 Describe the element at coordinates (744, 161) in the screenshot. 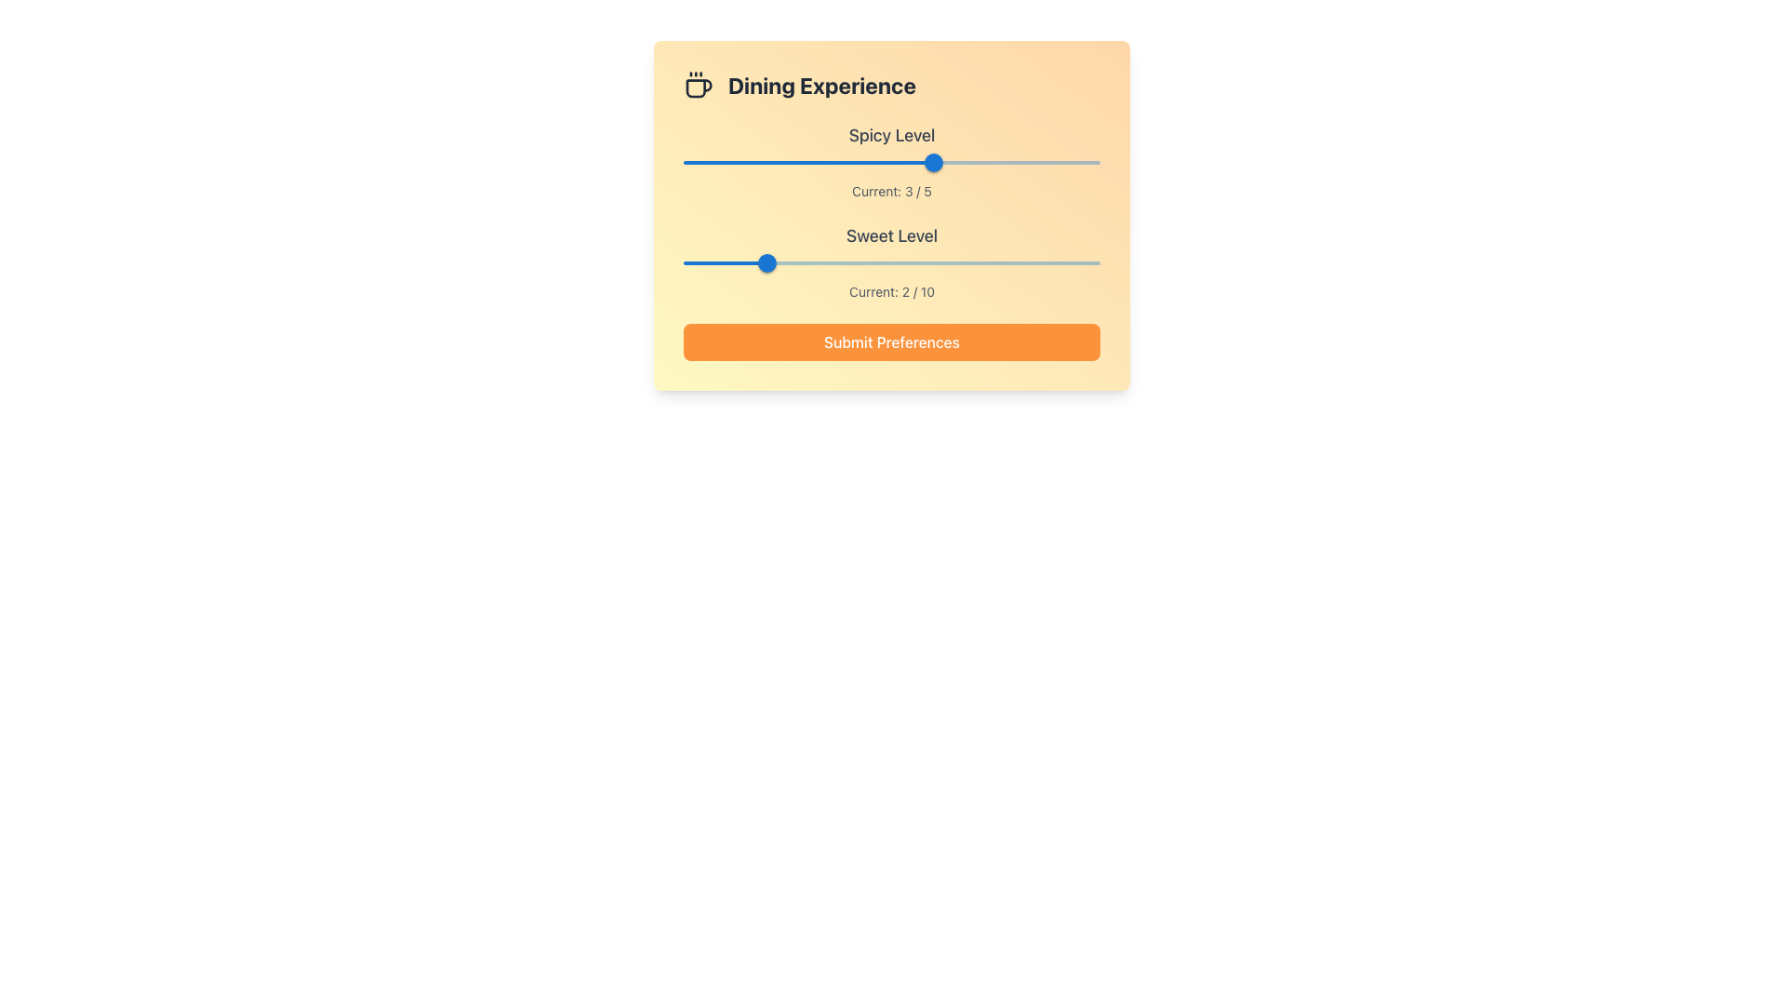

I see `the spicy level slider` at that location.